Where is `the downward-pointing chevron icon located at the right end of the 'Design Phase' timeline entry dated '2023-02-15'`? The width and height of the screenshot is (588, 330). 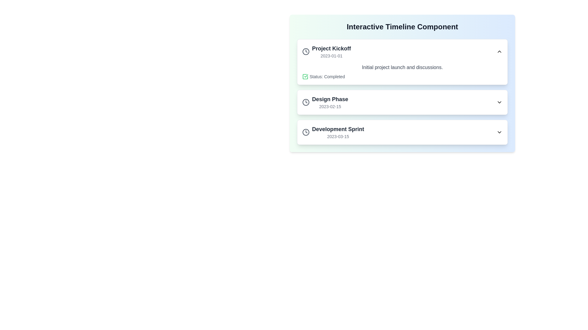
the downward-pointing chevron icon located at the right end of the 'Design Phase' timeline entry dated '2023-02-15' is located at coordinates (499, 102).